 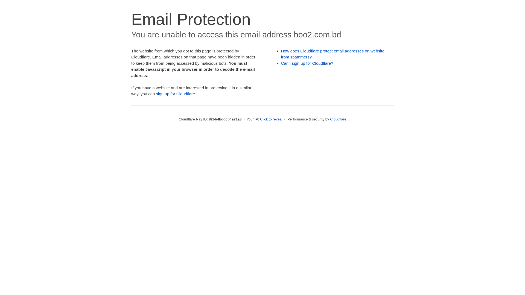 I want to click on 'Cloudflare', so click(x=338, y=119).